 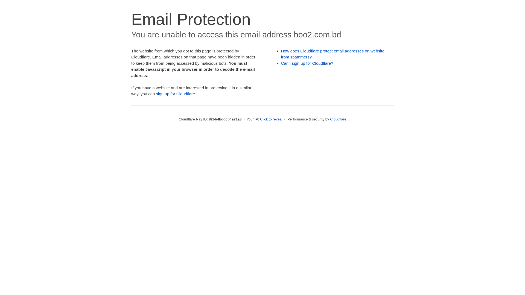 I want to click on 'Cloudflare', so click(x=338, y=119).